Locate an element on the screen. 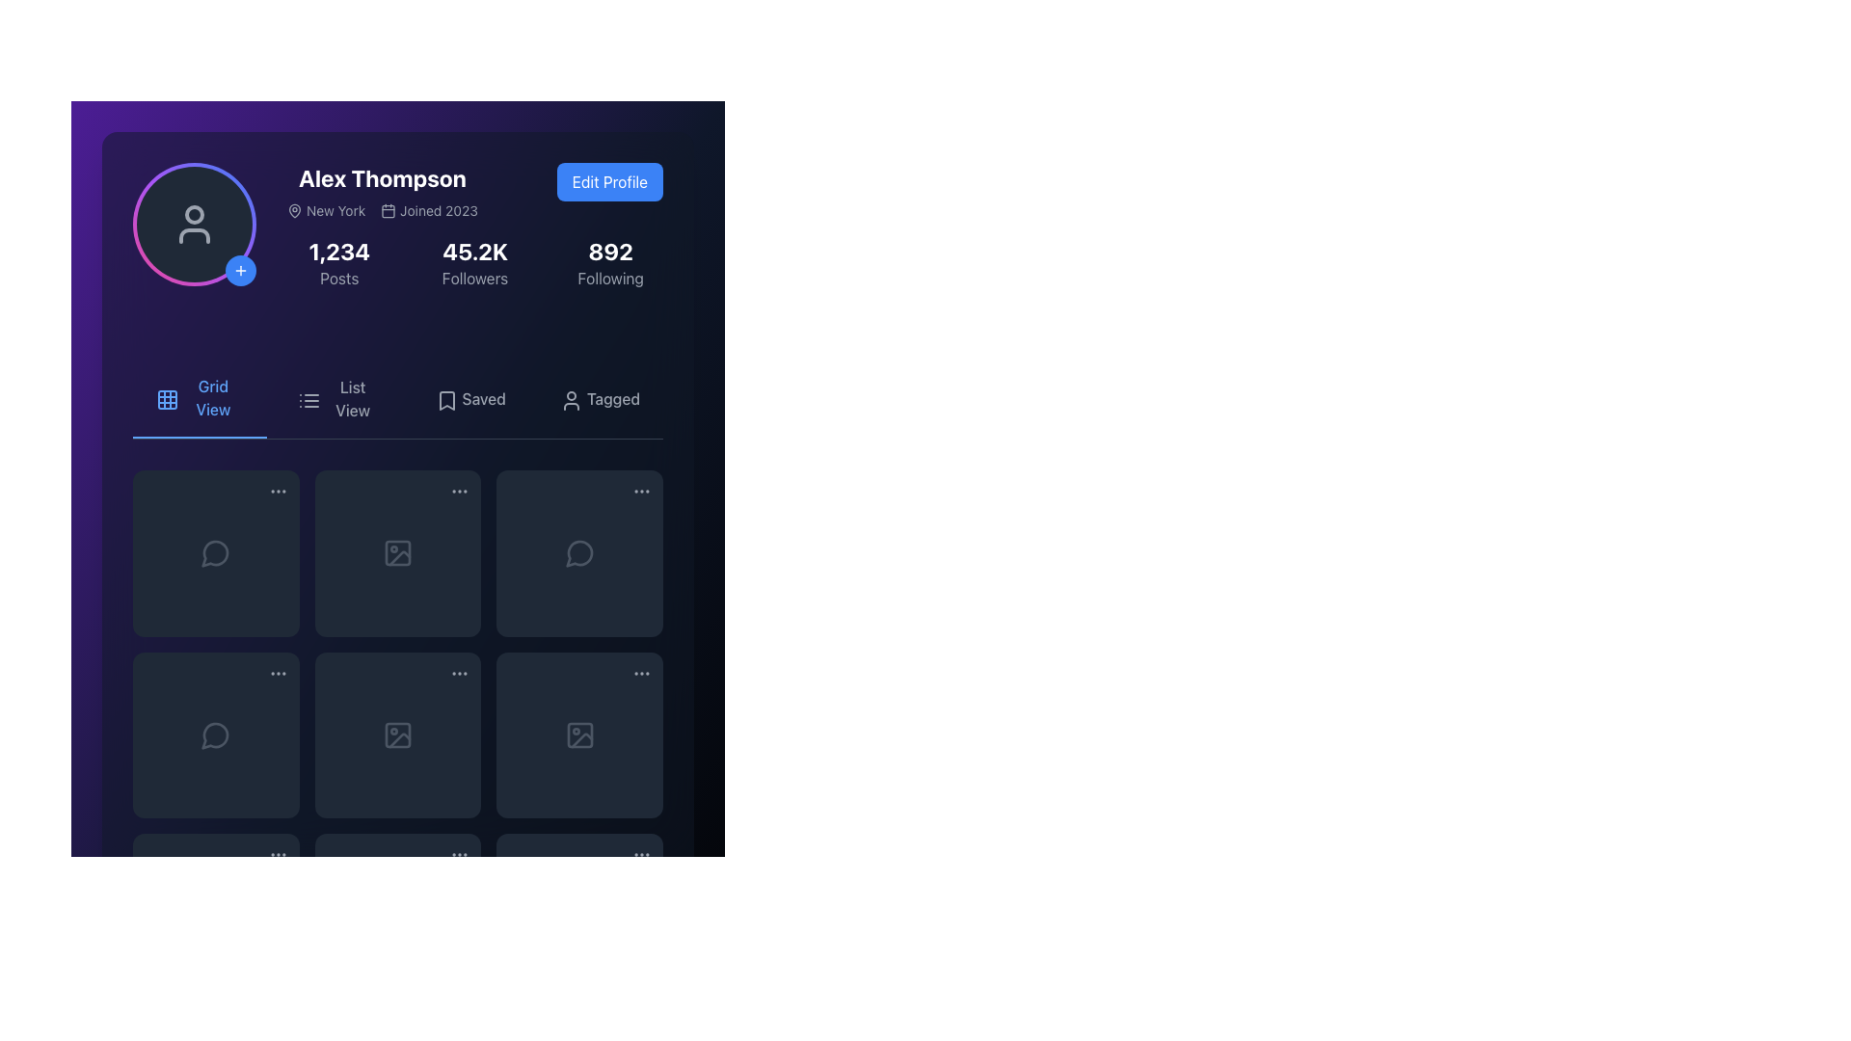  the ellipsis icon consisting of three gray dots in the last column of the lower row is located at coordinates (642, 672).